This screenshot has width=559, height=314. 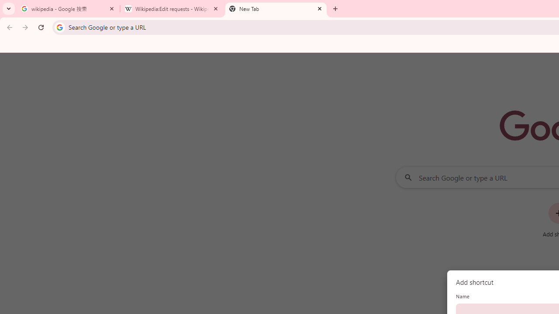 What do you see at coordinates (41, 27) in the screenshot?
I see `'Reload'` at bounding box center [41, 27].